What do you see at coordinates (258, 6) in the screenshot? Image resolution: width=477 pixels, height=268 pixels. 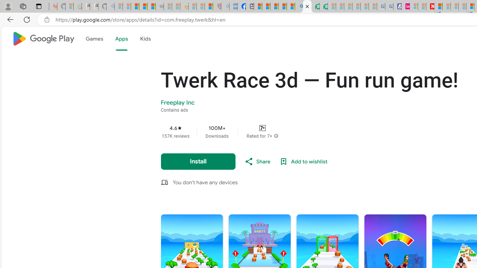 I see `'MSNBC - MSN'` at bounding box center [258, 6].